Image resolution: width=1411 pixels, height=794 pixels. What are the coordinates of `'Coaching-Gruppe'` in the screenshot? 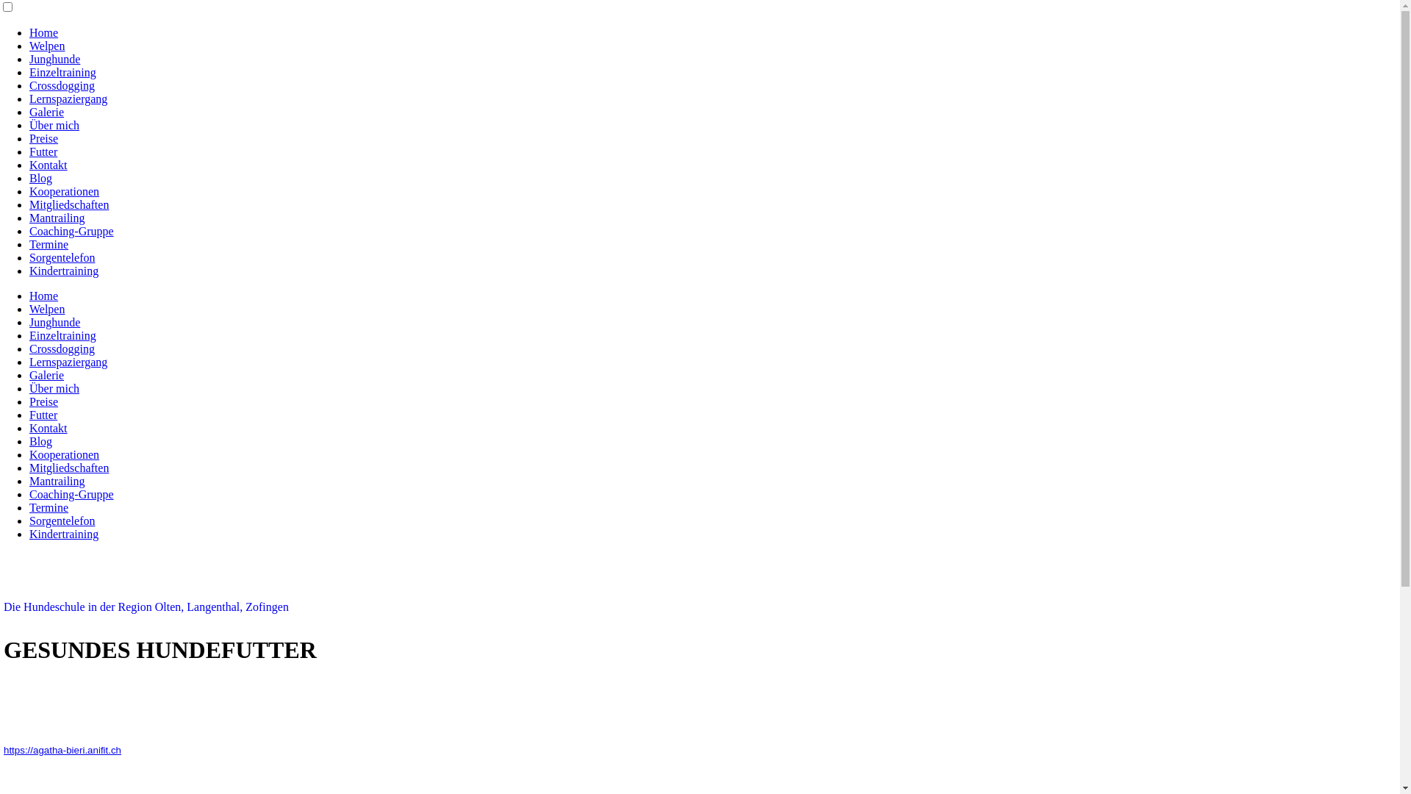 It's located at (29, 231).